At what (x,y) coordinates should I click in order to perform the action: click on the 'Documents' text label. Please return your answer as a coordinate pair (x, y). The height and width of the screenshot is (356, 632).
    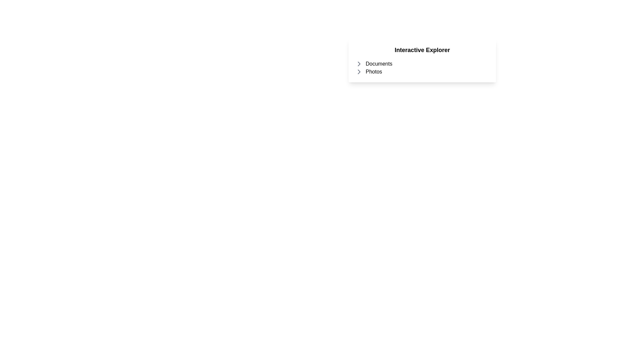
    Looking at the image, I should click on (379, 64).